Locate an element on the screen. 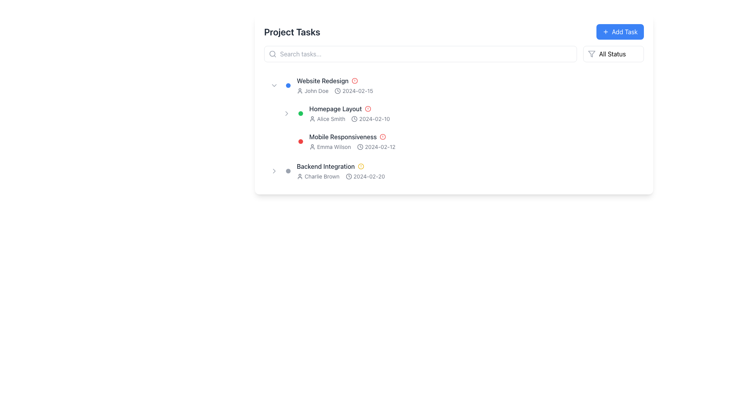 Image resolution: width=747 pixels, height=420 pixels. the appearance of the warning icon located to the right of the 'Backend Integration' text is located at coordinates (360, 166).